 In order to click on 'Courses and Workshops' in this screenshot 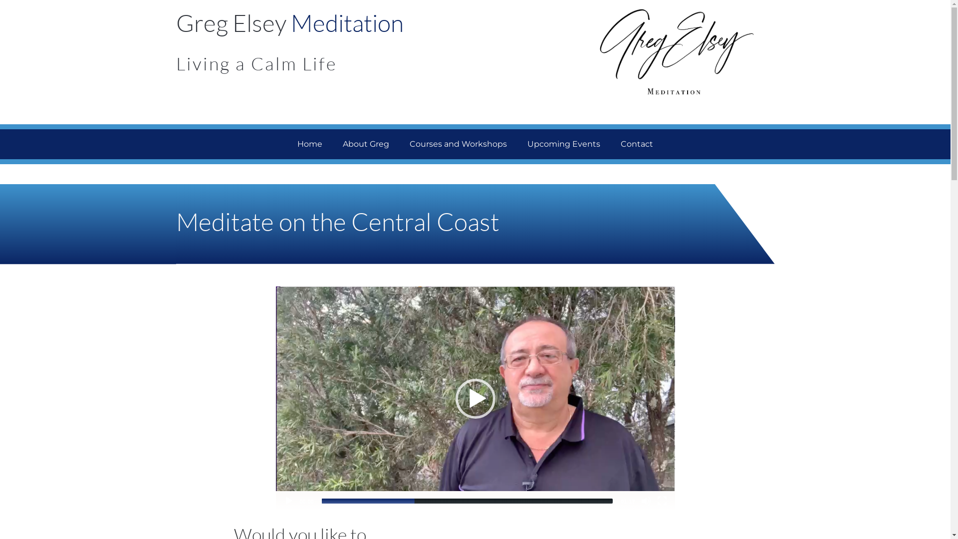, I will do `click(458, 144)`.